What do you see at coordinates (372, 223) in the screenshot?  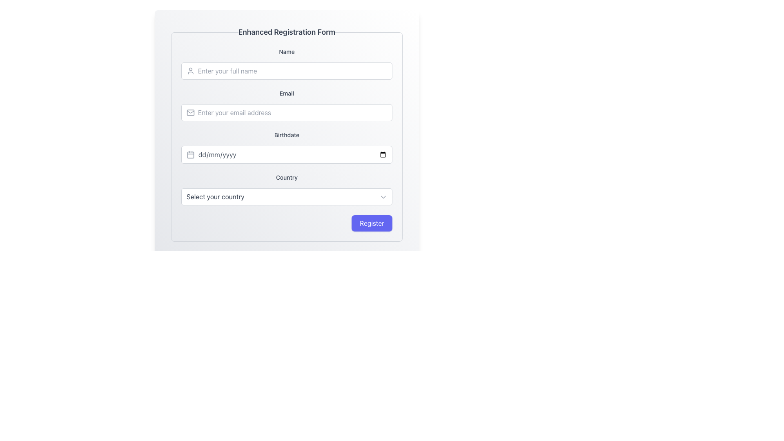 I see `the 'Register' button, which is a rectangular button with white text on a purple background located at the bottom right of the form` at bounding box center [372, 223].